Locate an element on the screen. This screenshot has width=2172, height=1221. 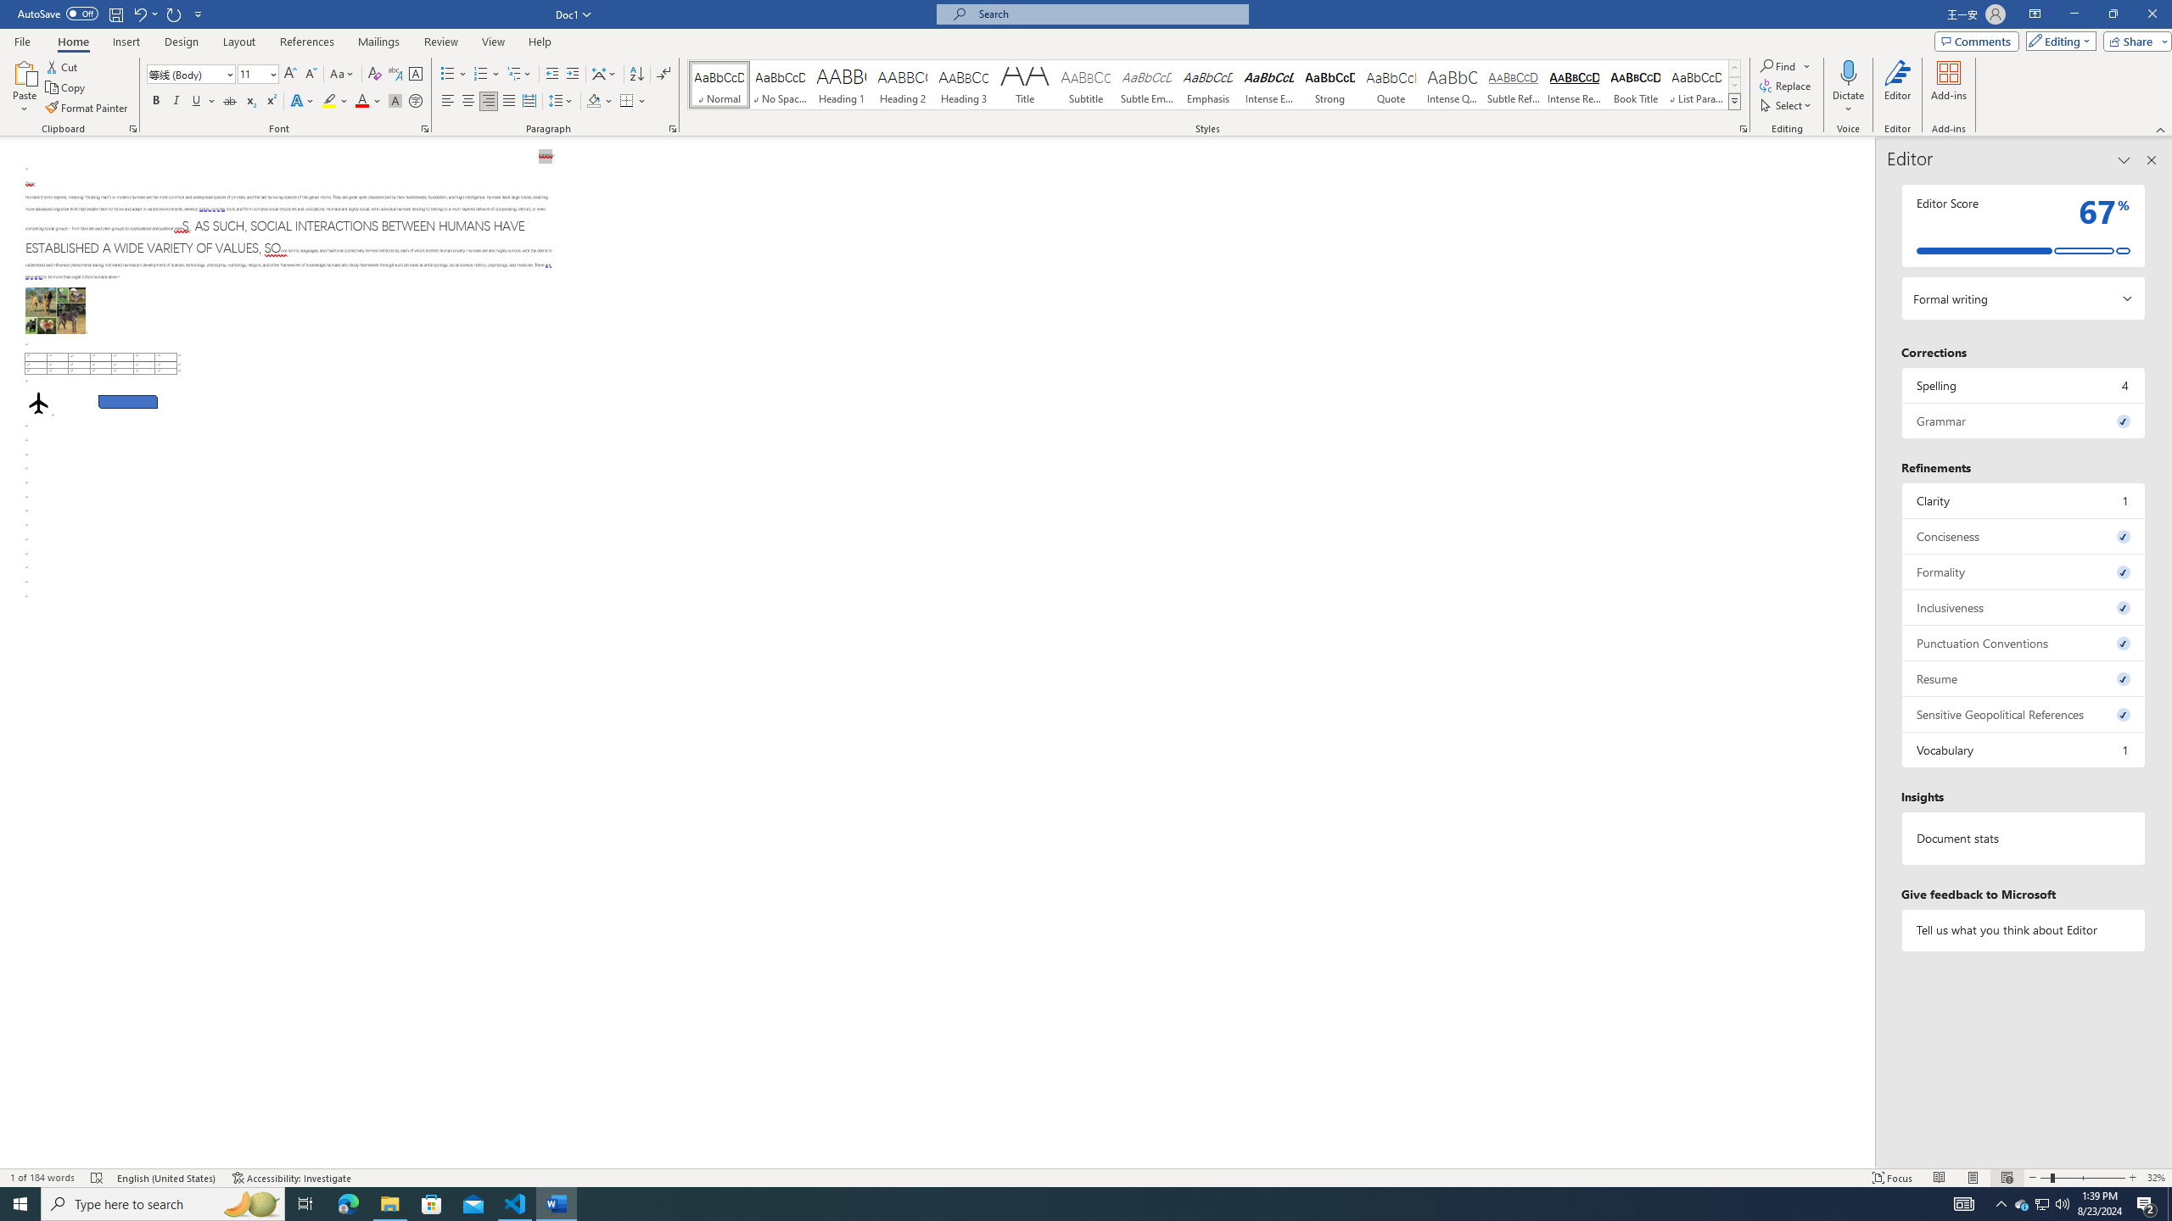
'Undo Paragraph Alignment' is located at coordinates (144, 13).